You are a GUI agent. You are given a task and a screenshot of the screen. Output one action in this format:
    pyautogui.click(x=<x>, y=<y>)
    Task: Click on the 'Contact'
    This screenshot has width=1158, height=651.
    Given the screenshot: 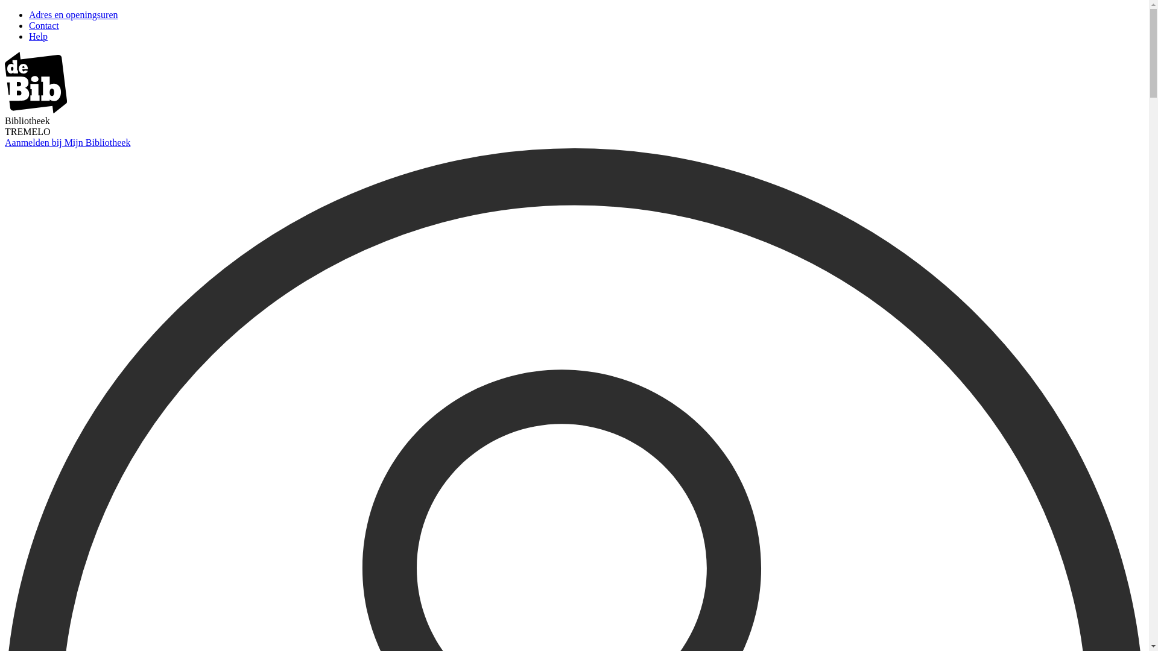 What is the action you would take?
    pyautogui.click(x=43, y=25)
    